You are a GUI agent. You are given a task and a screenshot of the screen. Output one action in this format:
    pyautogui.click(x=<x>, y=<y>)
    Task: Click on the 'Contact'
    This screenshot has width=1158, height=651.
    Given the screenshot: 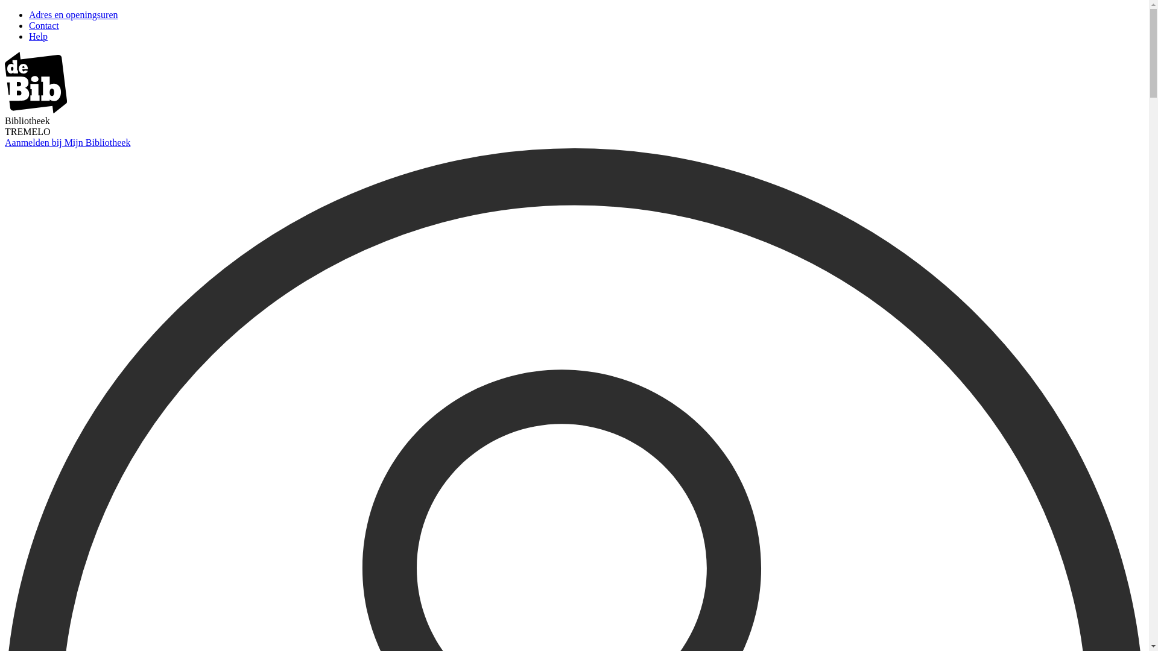 What is the action you would take?
    pyautogui.click(x=43, y=25)
    